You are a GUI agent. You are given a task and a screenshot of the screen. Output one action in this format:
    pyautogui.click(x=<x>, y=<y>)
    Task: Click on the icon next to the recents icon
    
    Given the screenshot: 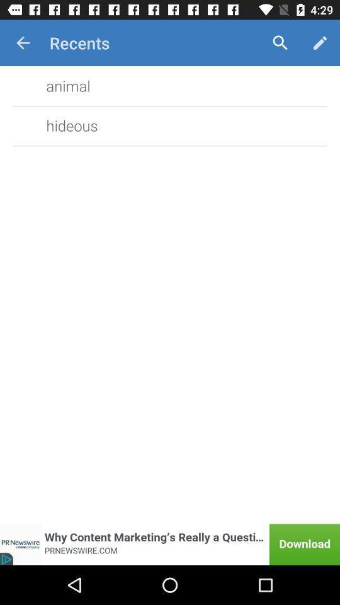 What is the action you would take?
    pyautogui.click(x=280, y=43)
    